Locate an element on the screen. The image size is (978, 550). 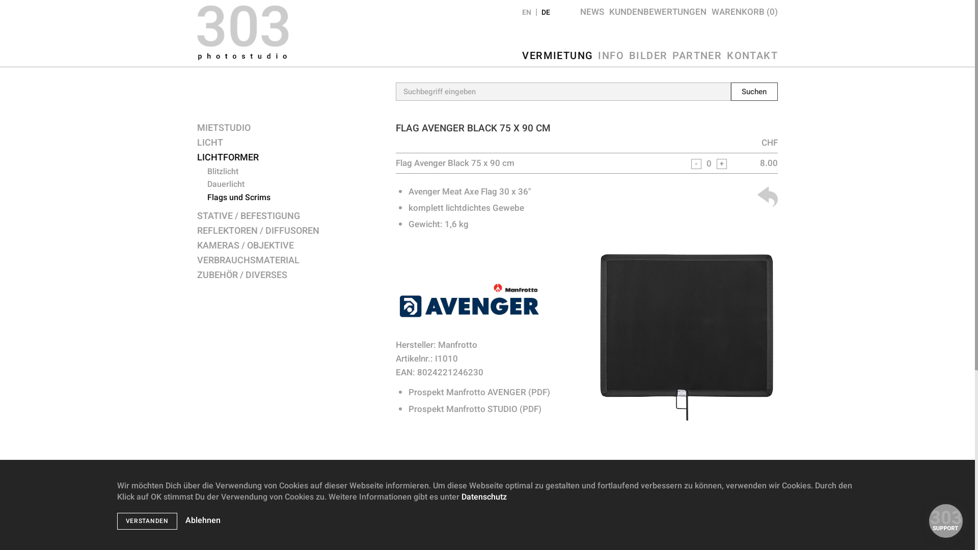
'BILDER' is located at coordinates (628, 56).